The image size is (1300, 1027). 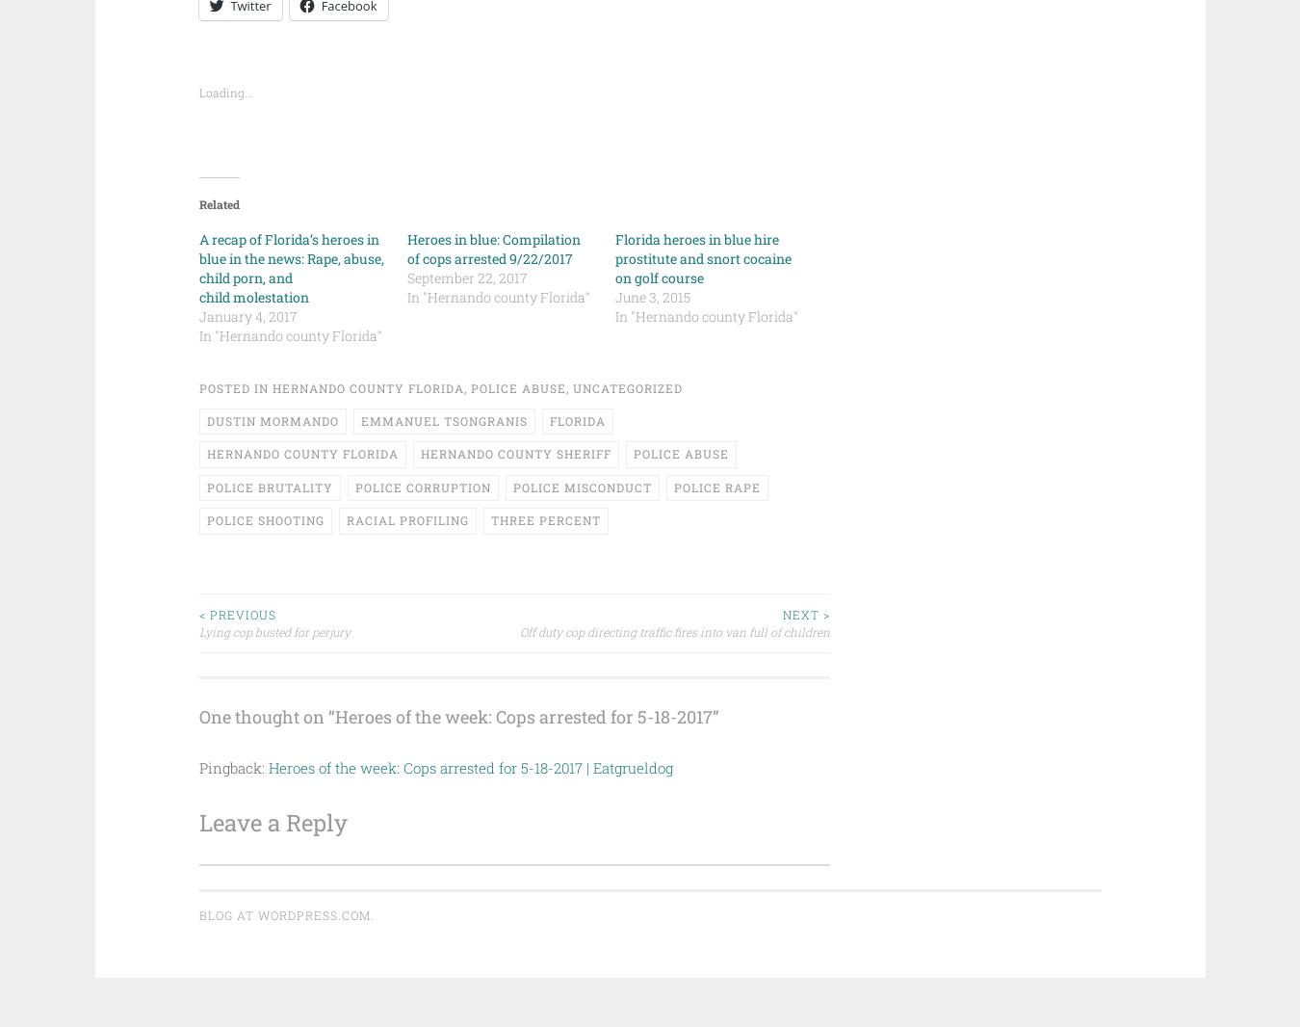 What do you see at coordinates (359, 419) in the screenshot?
I see `'emmanuel Tsongranis'` at bounding box center [359, 419].